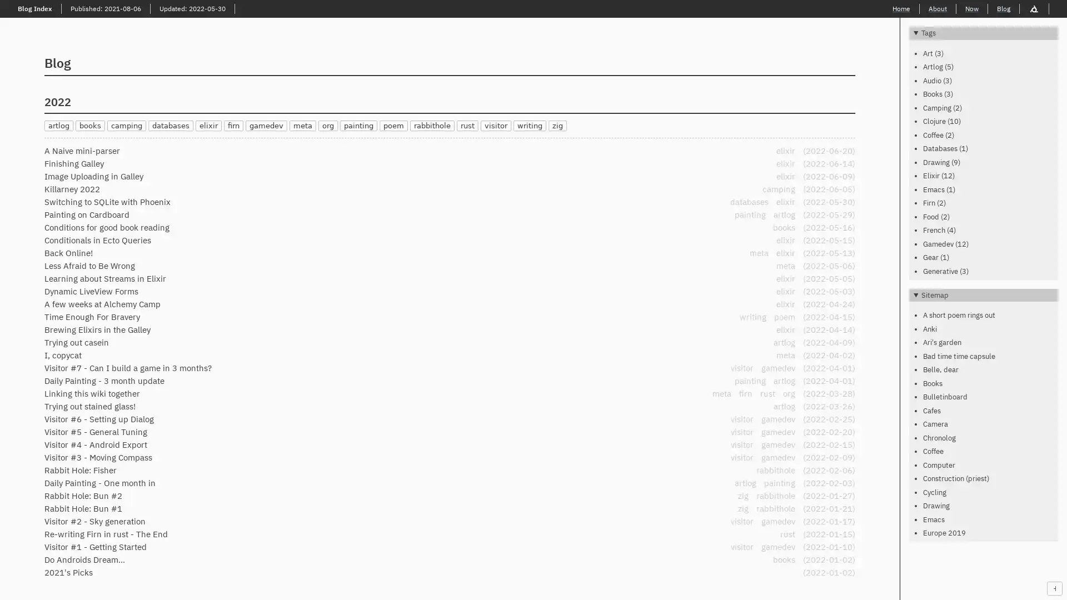  What do you see at coordinates (557, 125) in the screenshot?
I see `zig` at bounding box center [557, 125].